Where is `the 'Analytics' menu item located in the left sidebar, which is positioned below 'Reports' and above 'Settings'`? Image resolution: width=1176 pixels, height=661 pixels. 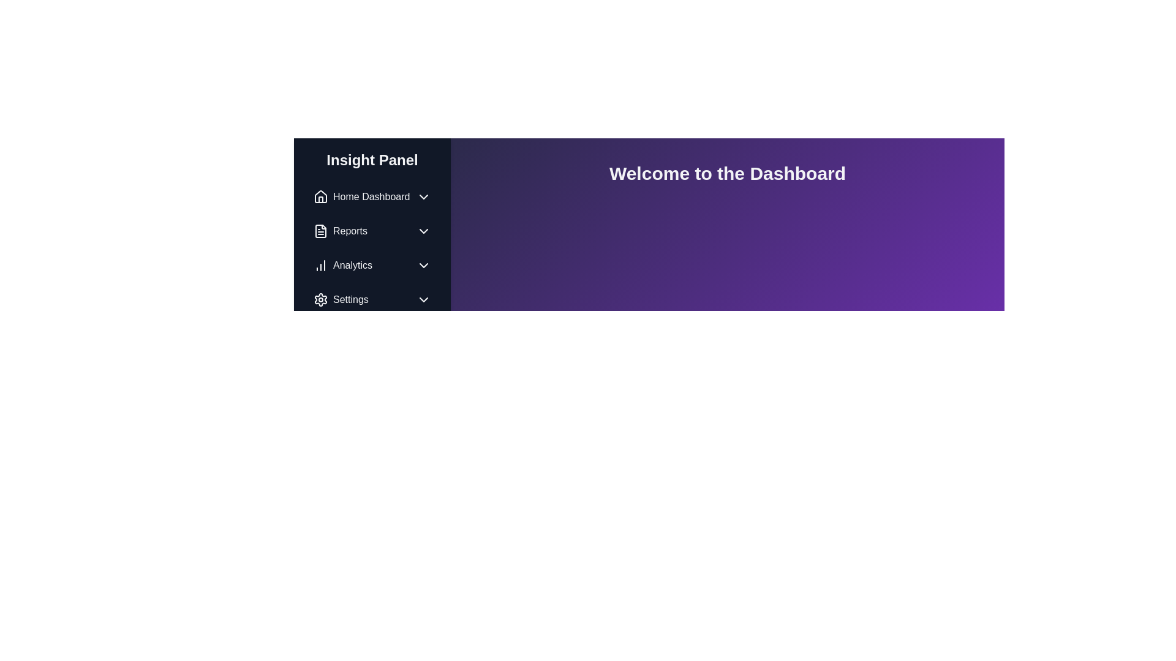
the 'Analytics' menu item located in the left sidebar, which is positioned below 'Reports' and above 'Settings' is located at coordinates (343, 265).